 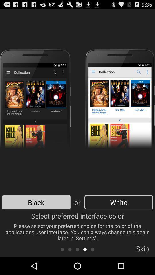 What do you see at coordinates (77, 249) in the screenshot?
I see `item below the select preferred interface icon` at bounding box center [77, 249].